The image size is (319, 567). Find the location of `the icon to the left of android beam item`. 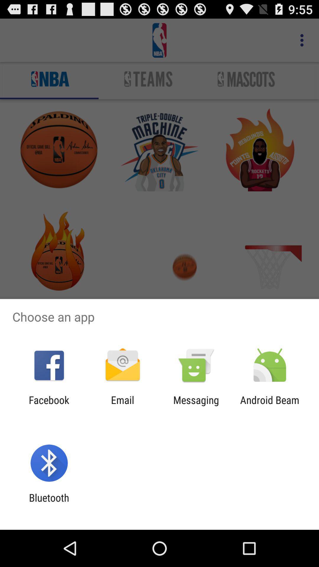

the icon to the left of android beam item is located at coordinates (196, 406).